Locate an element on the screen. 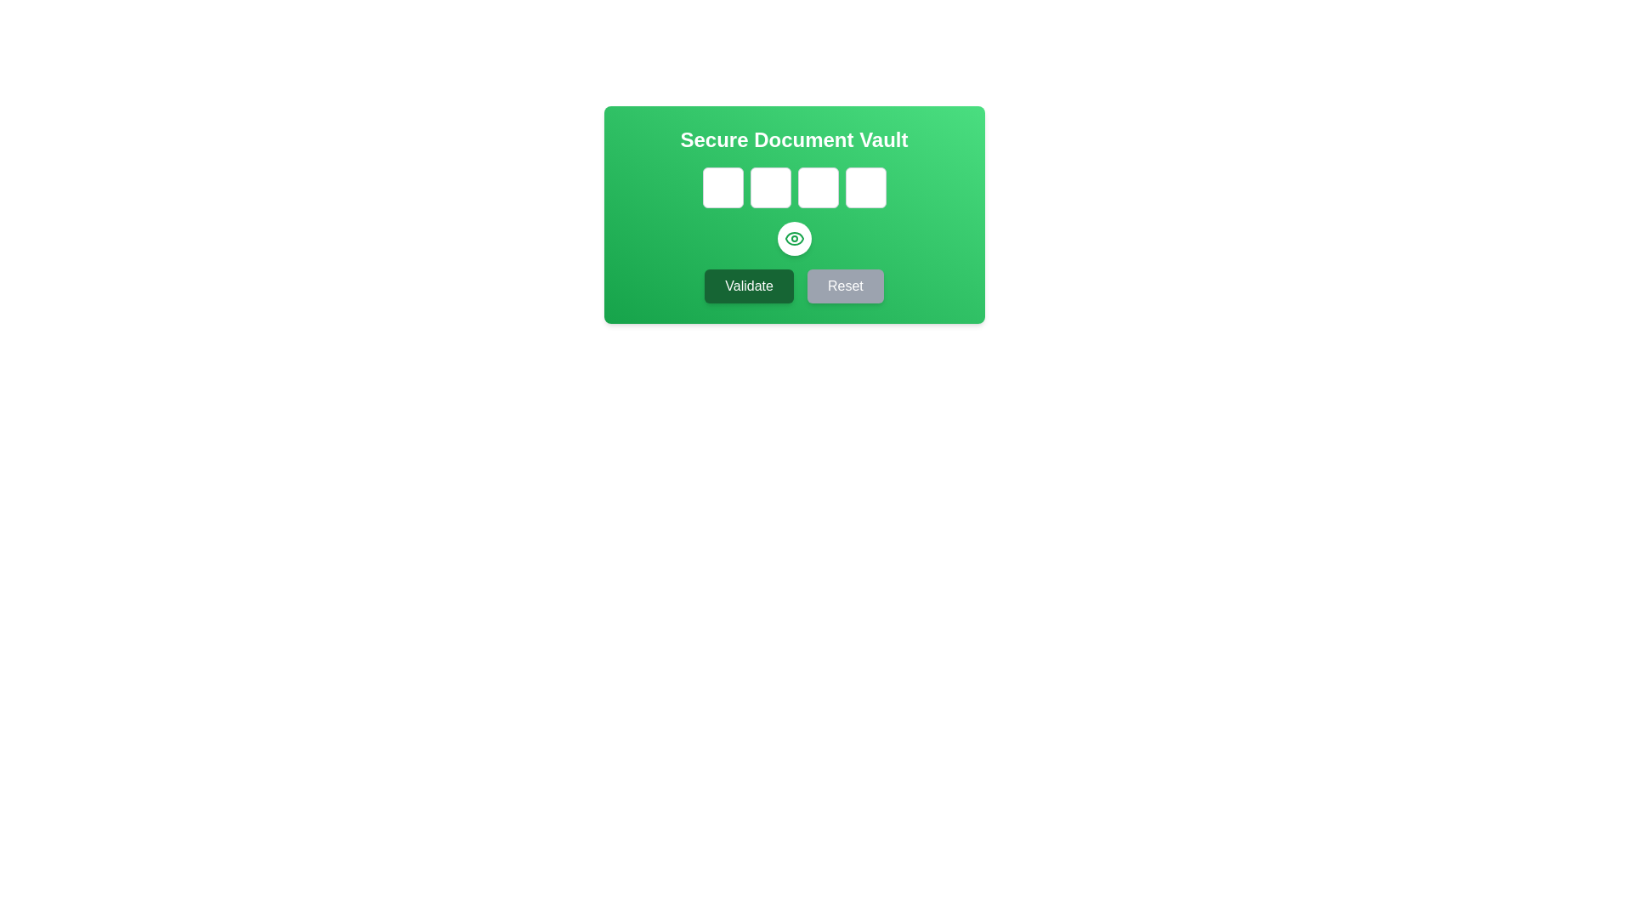  the visibility toggle button located centrally within the green gradient box labeled 'Secure Document Vault' is located at coordinates (793, 214).